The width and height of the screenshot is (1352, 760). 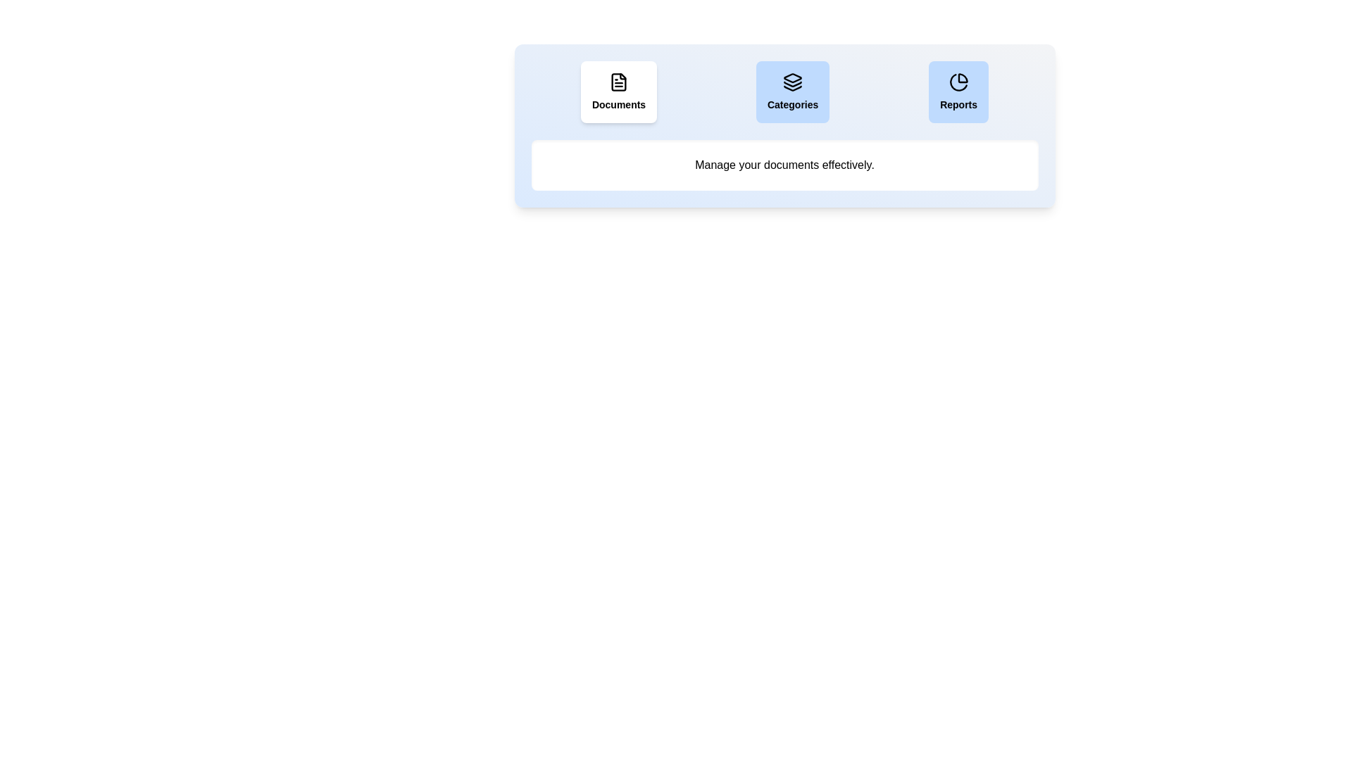 I want to click on the Documents tab to observe visual feedback, so click(x=618, y=92).